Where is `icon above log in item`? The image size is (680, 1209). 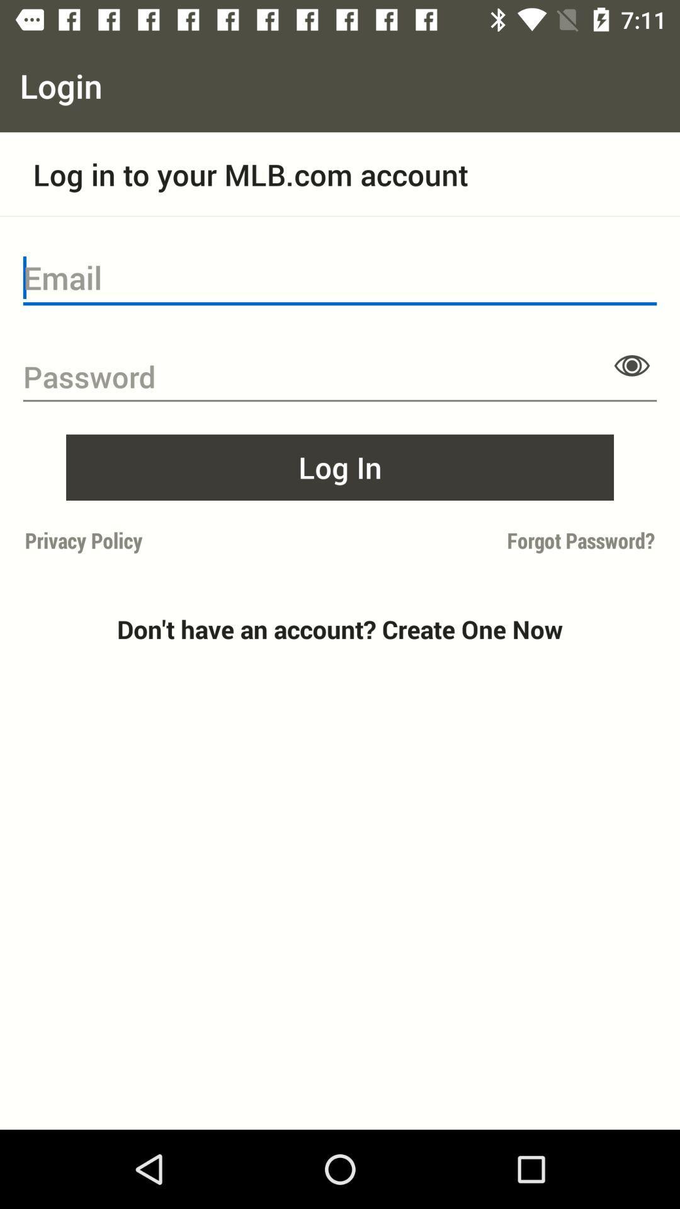 icon above log in item is located at coordinates (632, 365).